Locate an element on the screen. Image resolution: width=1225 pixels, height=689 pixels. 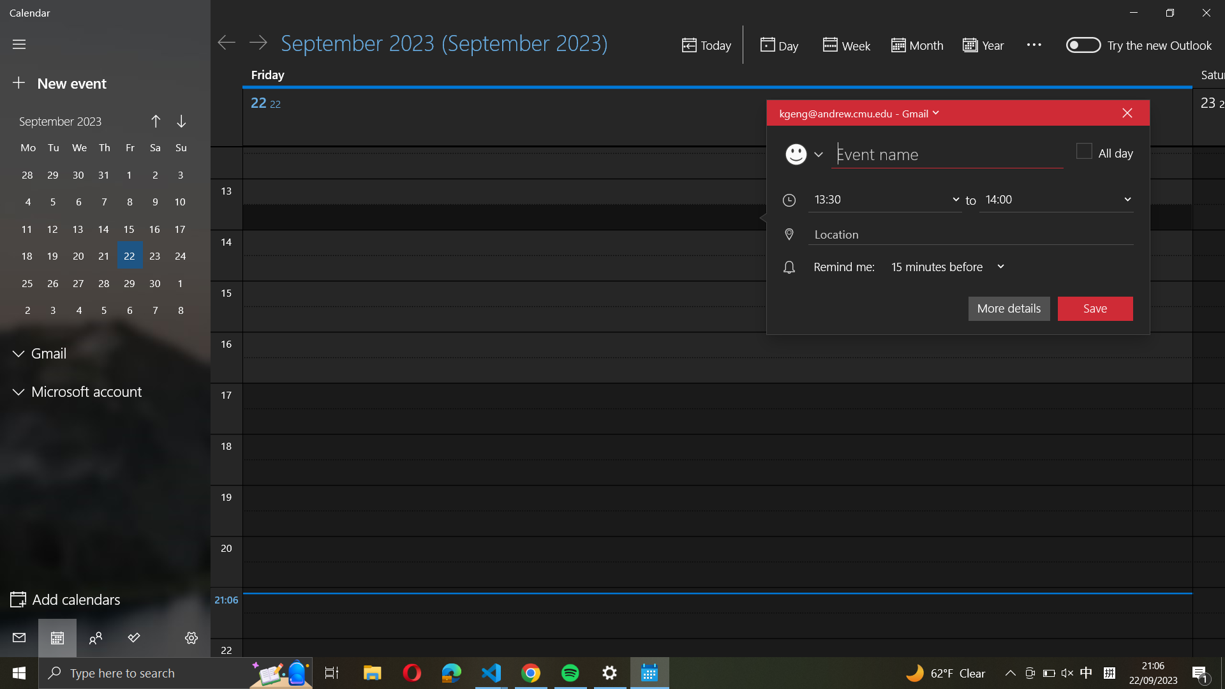
the month before on the calendar is located at coordinates (155, 122).